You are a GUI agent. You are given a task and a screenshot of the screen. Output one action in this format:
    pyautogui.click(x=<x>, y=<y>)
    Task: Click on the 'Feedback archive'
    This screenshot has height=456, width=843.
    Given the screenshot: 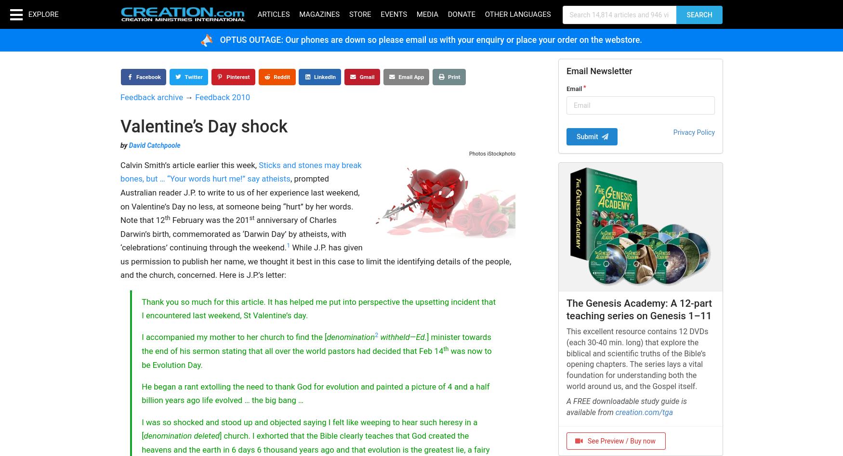 What is the action you would take?
    pyautogui.click(x=152, y=97)
    